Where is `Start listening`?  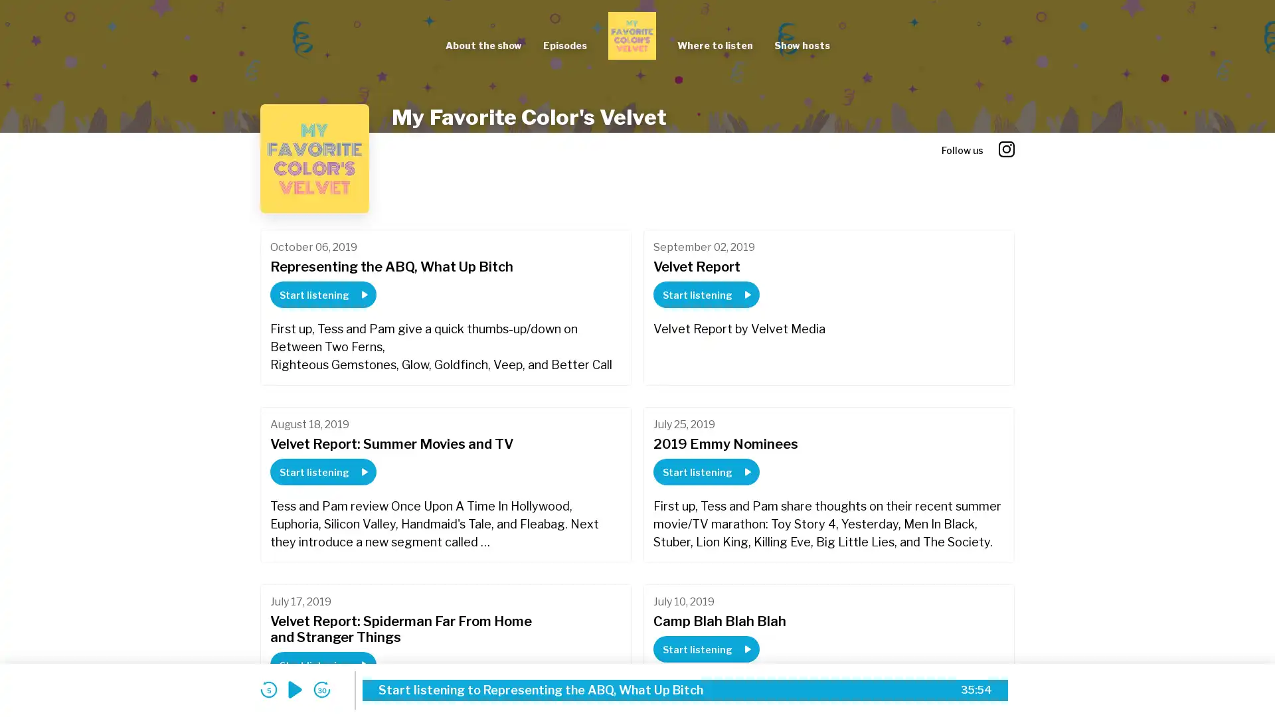
Start listening is located at coordinates (706, 293).